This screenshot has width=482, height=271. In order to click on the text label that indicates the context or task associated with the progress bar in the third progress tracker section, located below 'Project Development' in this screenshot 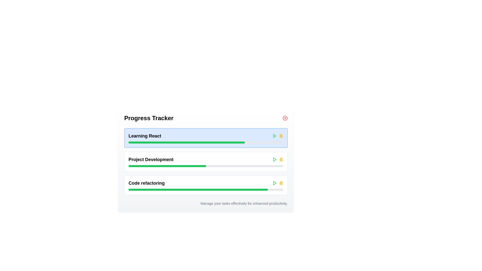, I will do `click(146, 183)`.